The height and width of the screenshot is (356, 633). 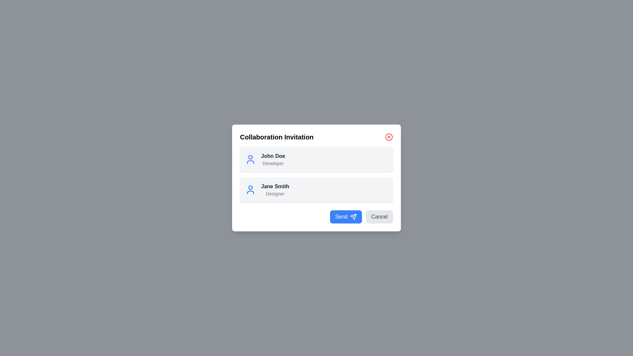 What do you see at coordinates (379, 217) in the screenshot?
I see `the 'Cancel' button to close the dialog` at bounding box center [379, 217].